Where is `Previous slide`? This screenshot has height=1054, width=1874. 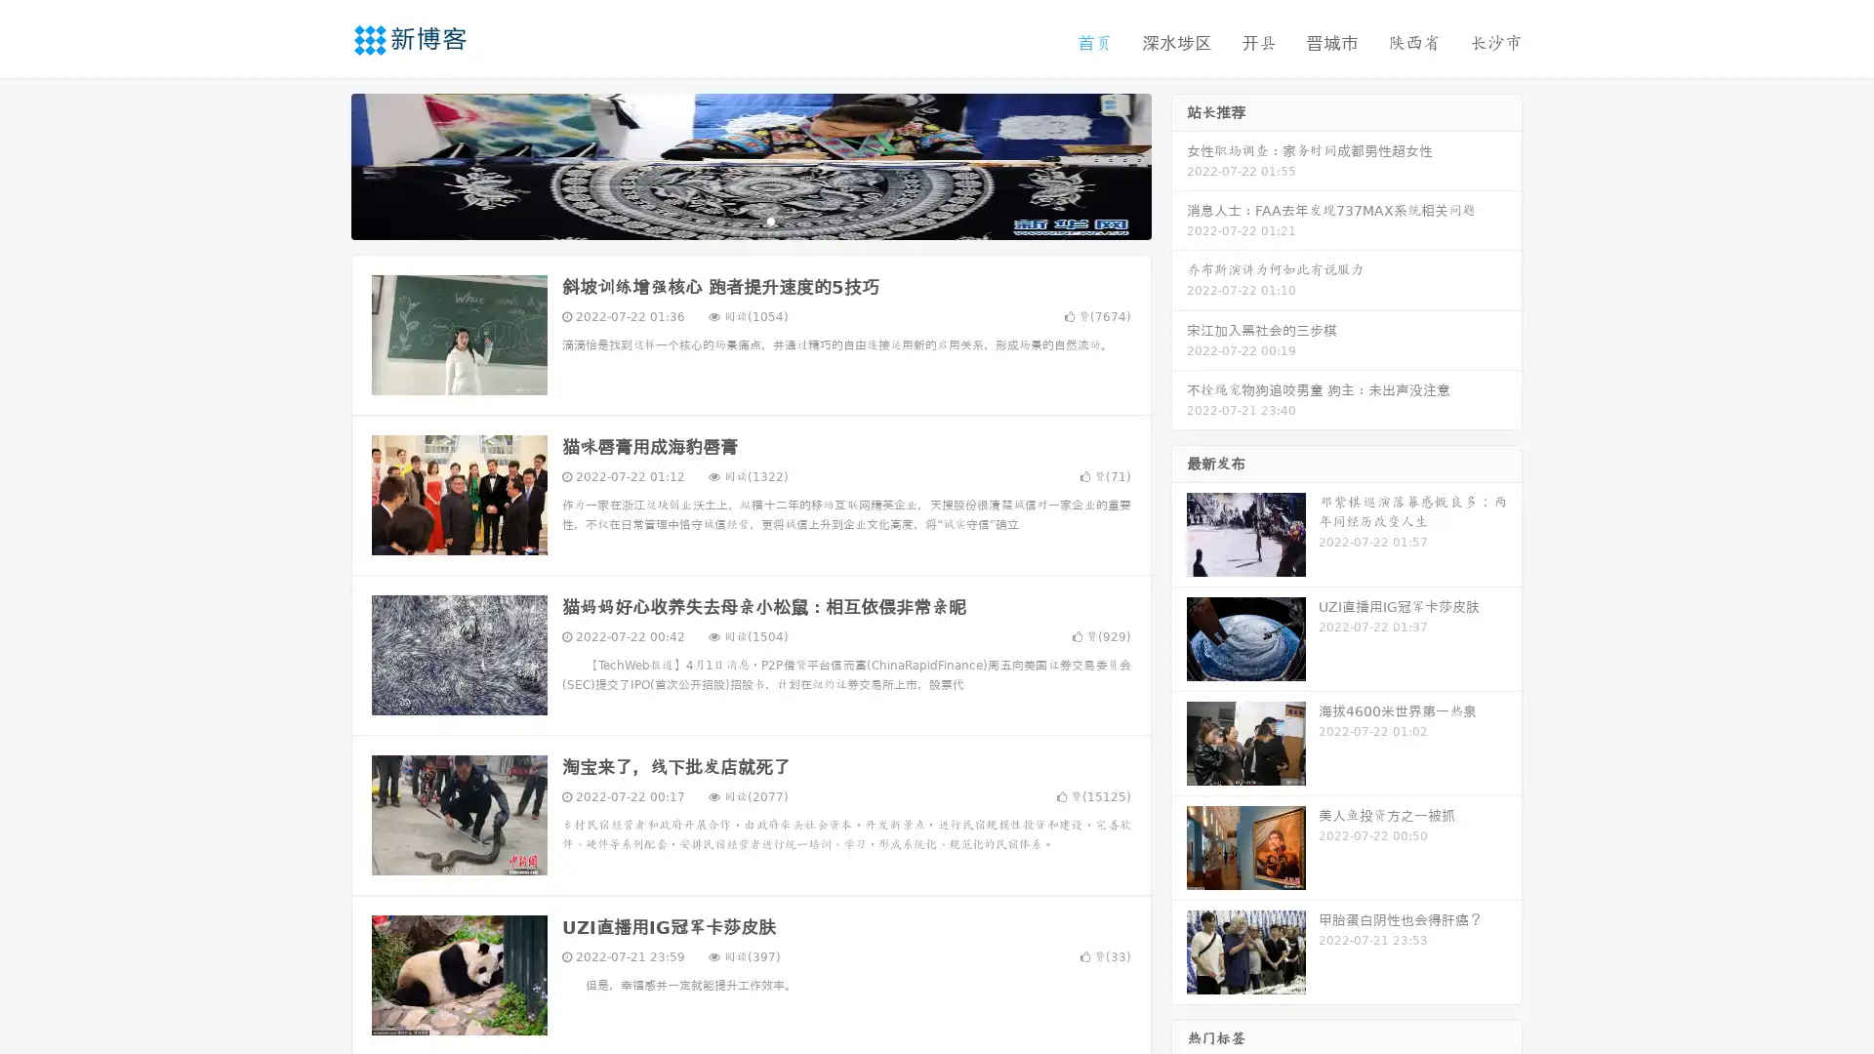
Previous slide is located at coordinates (322, 164).